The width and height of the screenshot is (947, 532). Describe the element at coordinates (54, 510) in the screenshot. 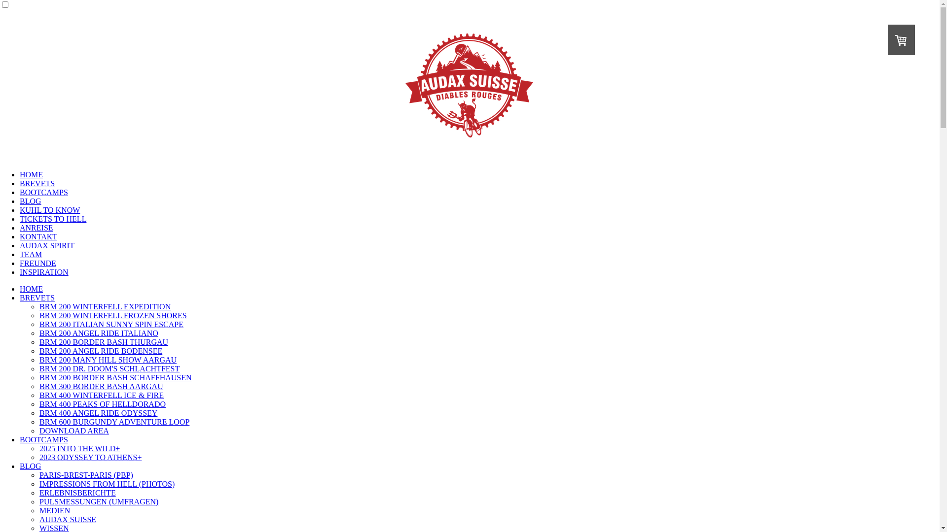

I see `'MEDIEN'` at that location.